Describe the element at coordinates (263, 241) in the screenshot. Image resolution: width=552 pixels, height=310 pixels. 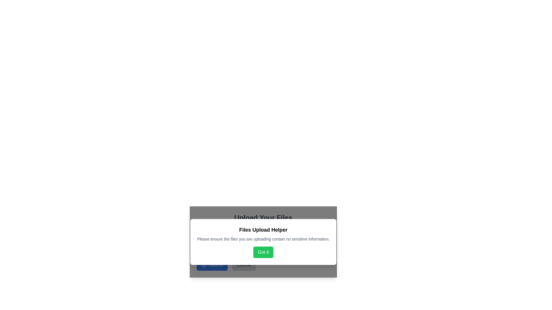
I see `and drop files into the Interactive Dropzone located below the 'Upload Your Files' header and above the 'Submit' and 'Cancel' buttons` at that location.